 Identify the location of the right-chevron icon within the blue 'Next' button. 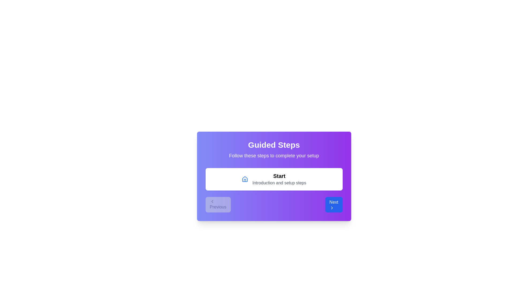
(331, 207).